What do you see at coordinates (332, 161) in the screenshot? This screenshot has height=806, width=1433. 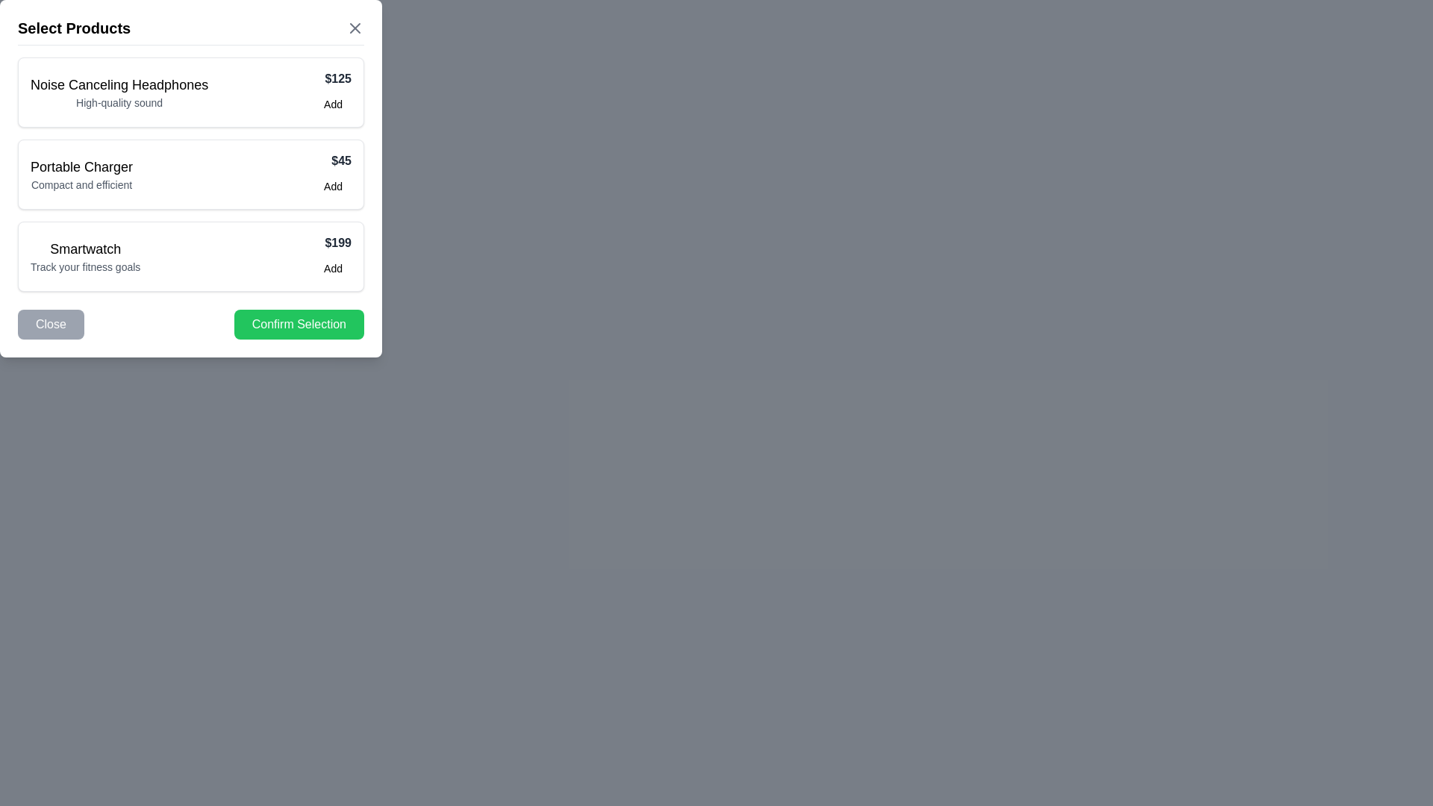 I see `the text label displaying '$45', which is in bold dark gray font, located to the right of the 'Portable Charger' description in the second item row of the product list` at bounding box center [332, 161].